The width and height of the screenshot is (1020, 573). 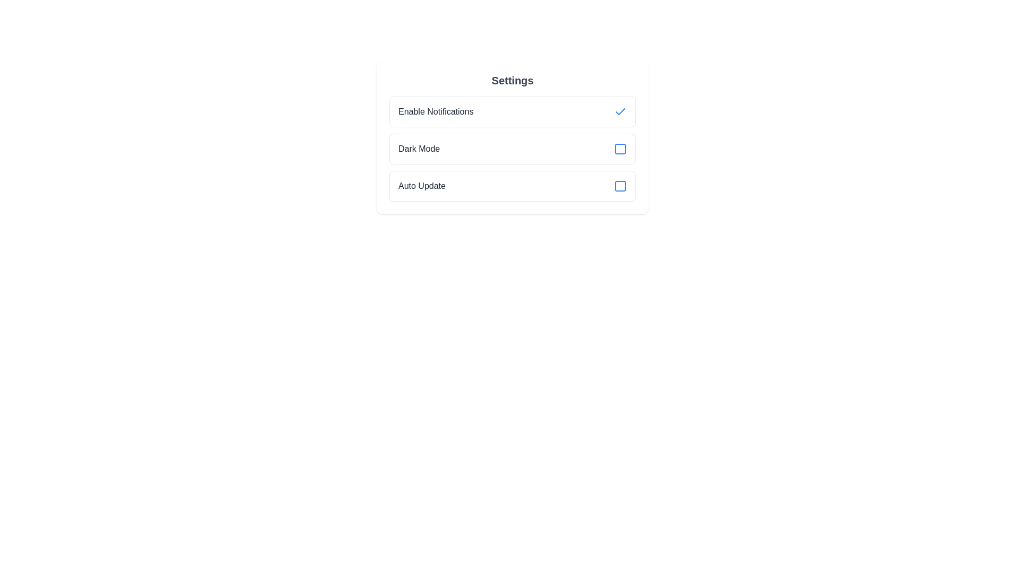 What do you see at coordinates (419, 149) in the screenshot?
I see `the 'Dark Mode' label text in the settings list, which is left-aligned and has a dark gray color with medium font weight` at bounding box center [419, 149].